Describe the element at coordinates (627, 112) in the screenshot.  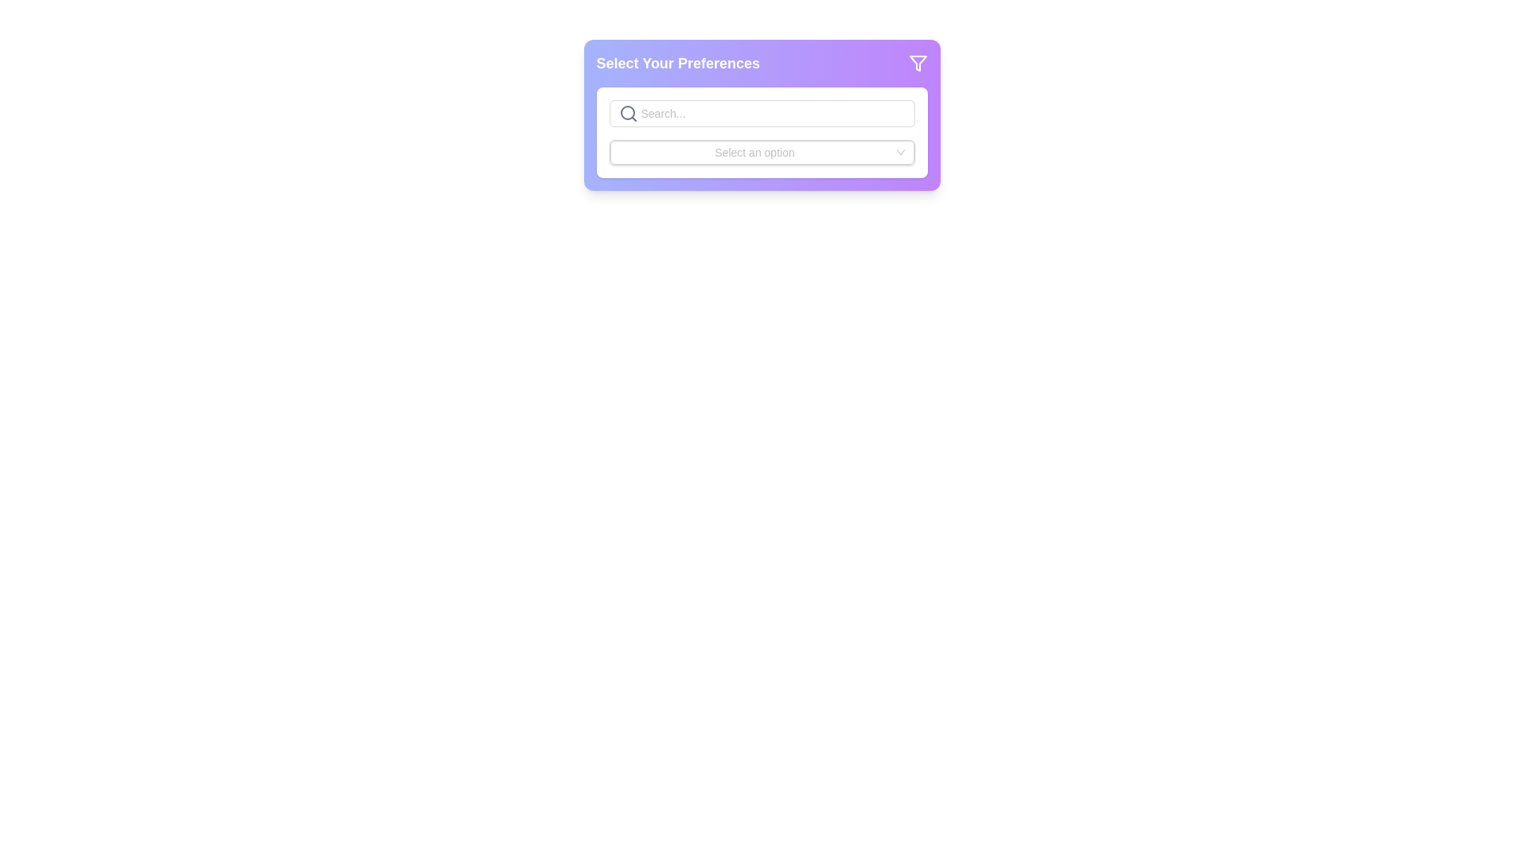
I see `the gray magnifying glass icon representing the search function located to the left of the 'Search...' input field` at that location.